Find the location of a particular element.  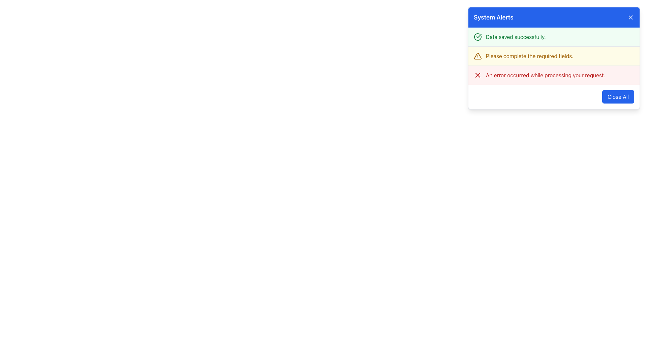

the close icon located at the top-right corner of the 'System Alerts' panel is located at coordinates (477, 75).